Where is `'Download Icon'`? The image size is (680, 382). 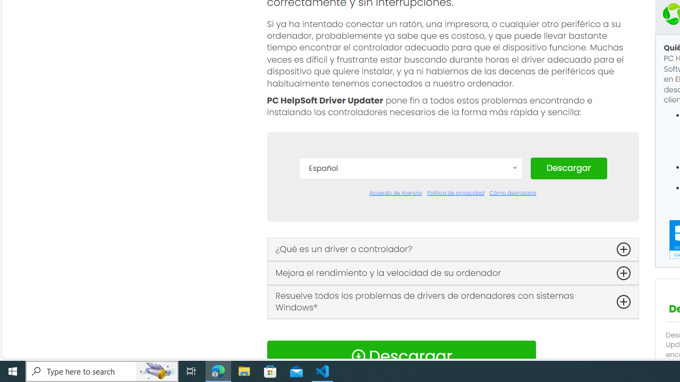 'Download Icon' is located at coordinates (358, 356).